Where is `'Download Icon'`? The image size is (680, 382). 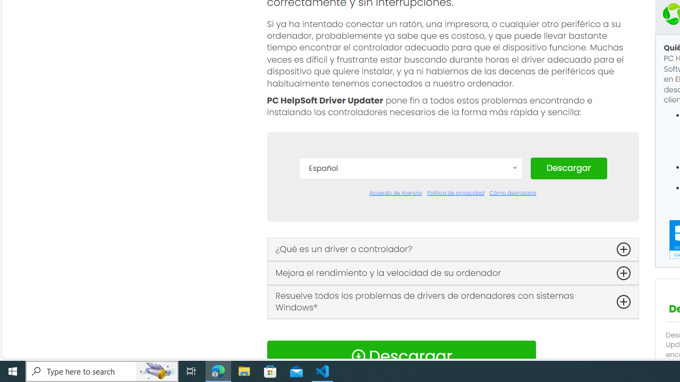 'Download Icon' is located at coordinates (358, 356).